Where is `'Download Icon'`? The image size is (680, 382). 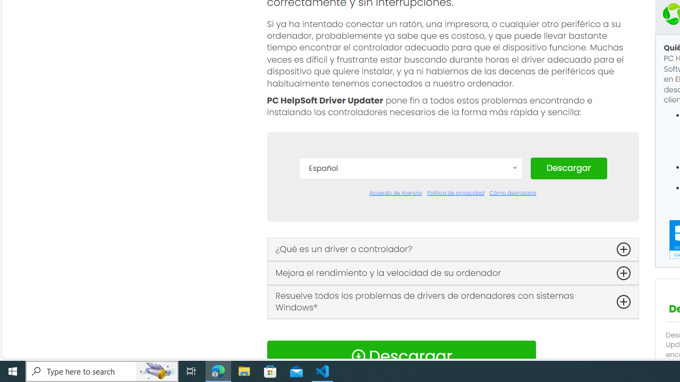 'Download Icon' is located at coordinates (358, 356).